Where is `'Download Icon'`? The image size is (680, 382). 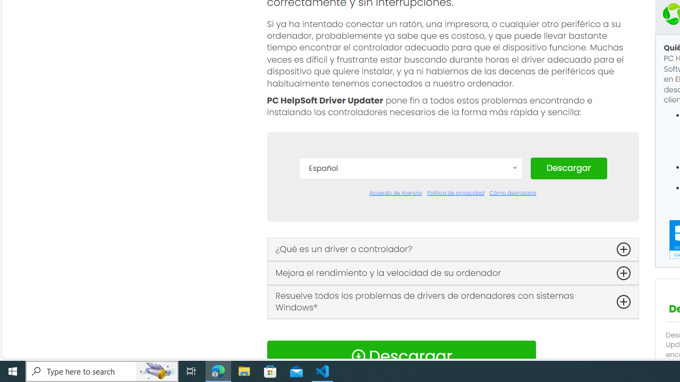 'Download Icon' is located at coordinates (358, 356).